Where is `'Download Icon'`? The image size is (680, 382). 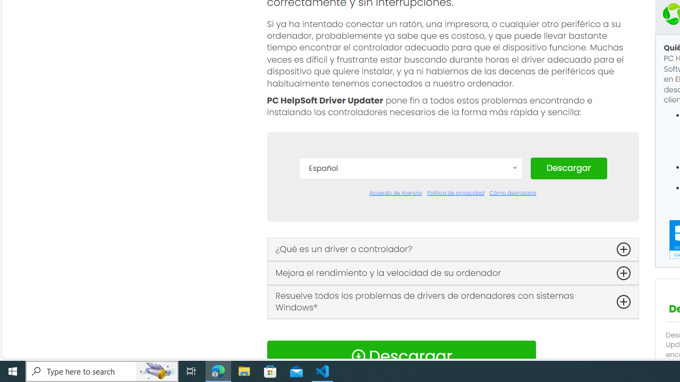 'Download Icon' is located at coordinates (358, 356).